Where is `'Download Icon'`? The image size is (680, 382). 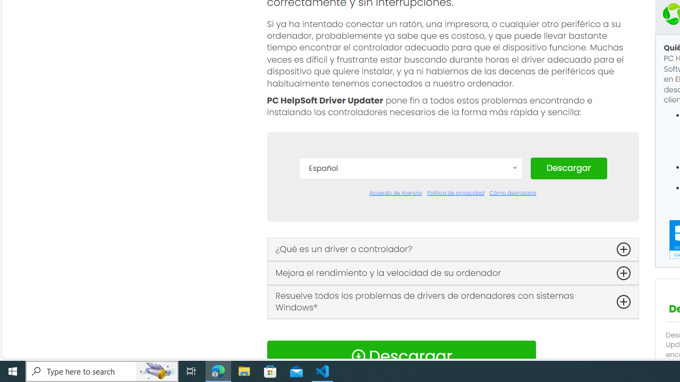 'Download Icon' is located at coordinates (358, 356).